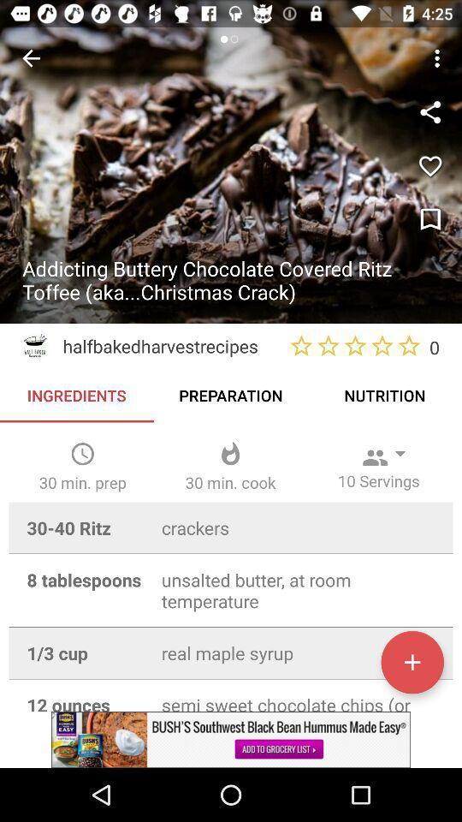 This screenshot has height=822, width=462. Describe the element at coordinates (412, 661) in the screenshot. I see `the add icon` at that location.